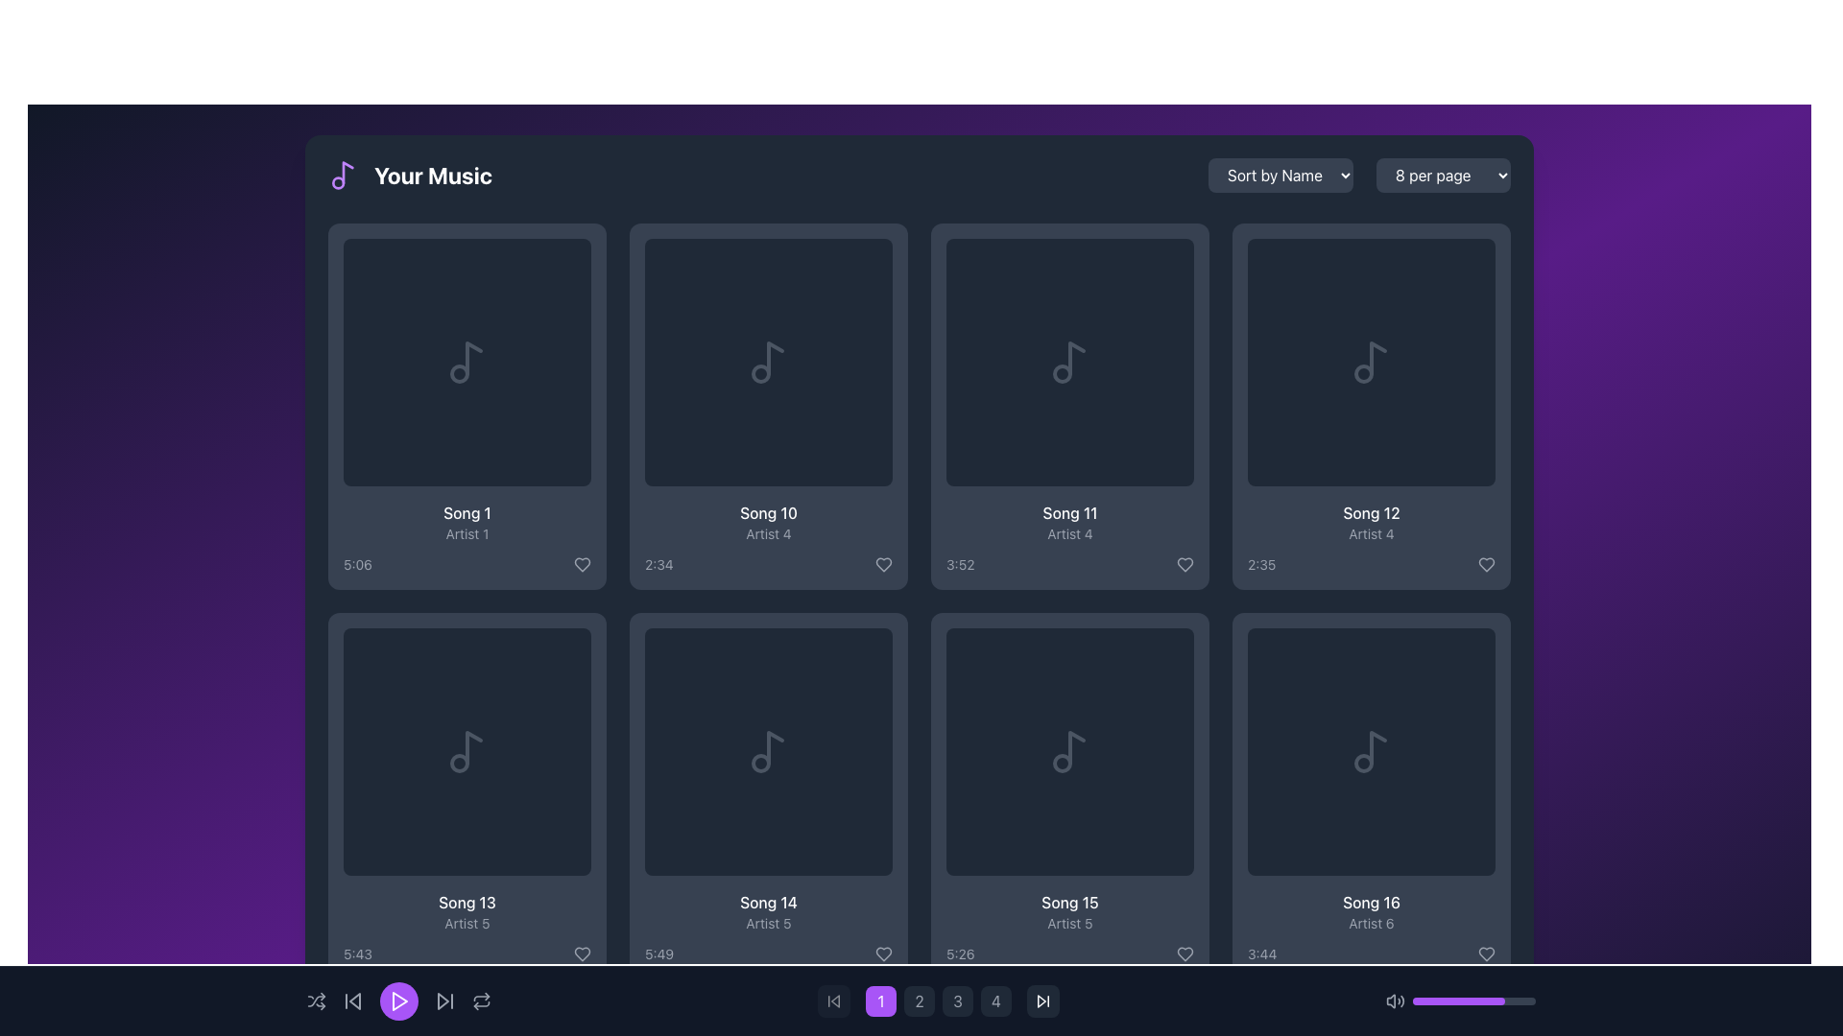 The height and width of the screenshot is (1036, 1843). What do you see at coordinates (409, 175) in the screenshot?
I see `the 'Your Music' text label, which serves as the heading for the section, located in the top-left portion of the horizontal bar` at bounding box center [409, 175].